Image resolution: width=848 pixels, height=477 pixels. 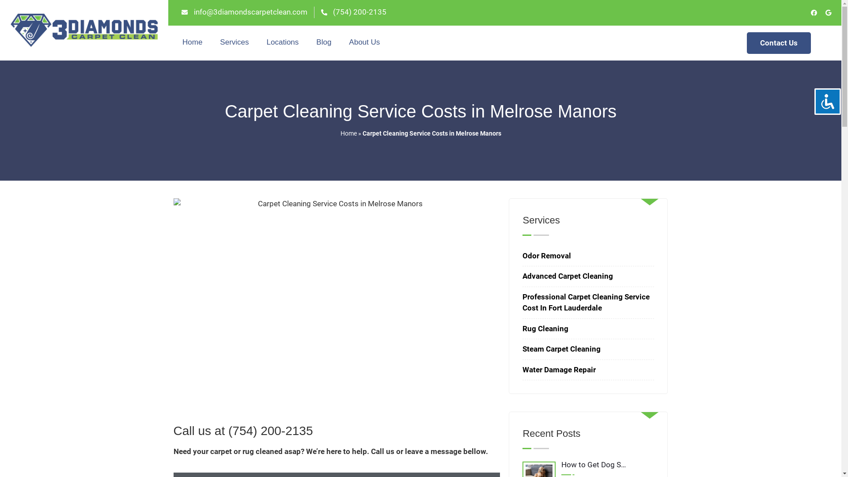 What do you see at coordinates (244, 12) in the screenshot?
I see `'info@3diamondscarpetclean.com'` at bounding box center [244, 12].